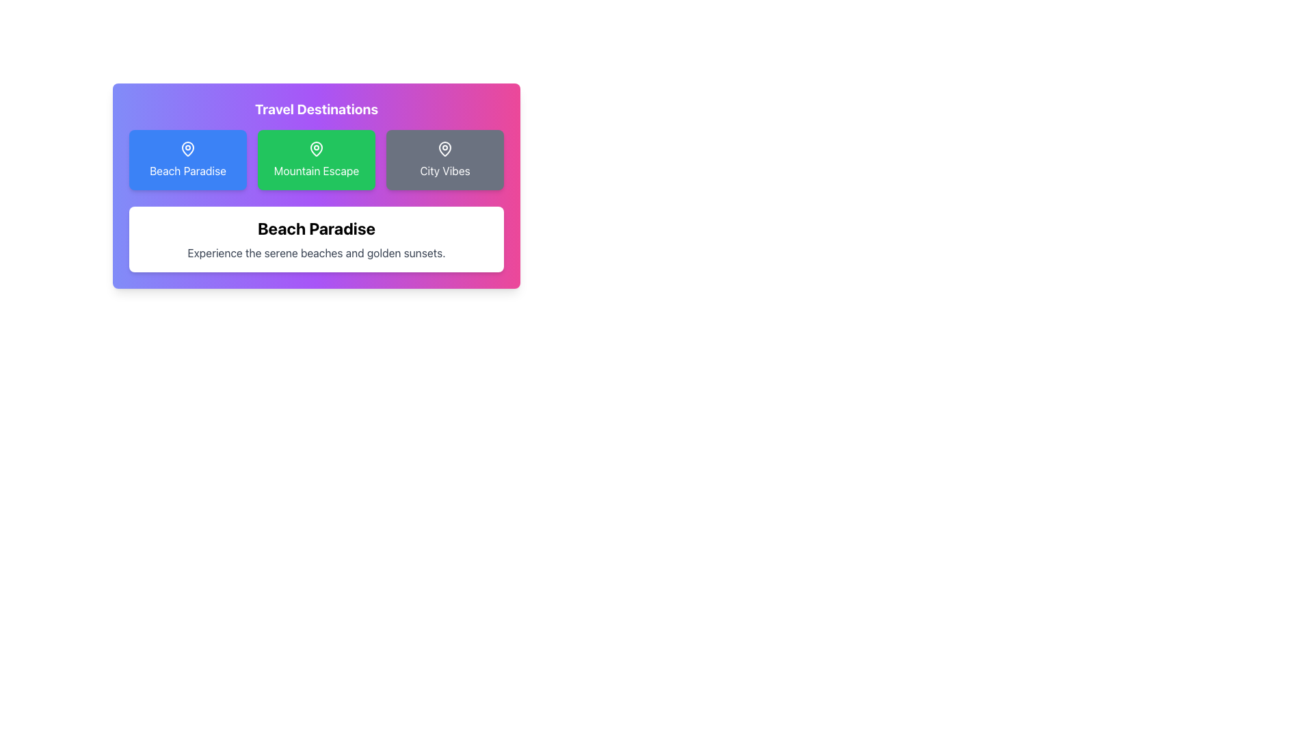 This screenshot has height=739, width=1313. Describe the element at coordinates (315, 159) in the screenshot. I see `the green rectangular card titled 'Mountain Escape' with a pin icon at the top center` at that location.